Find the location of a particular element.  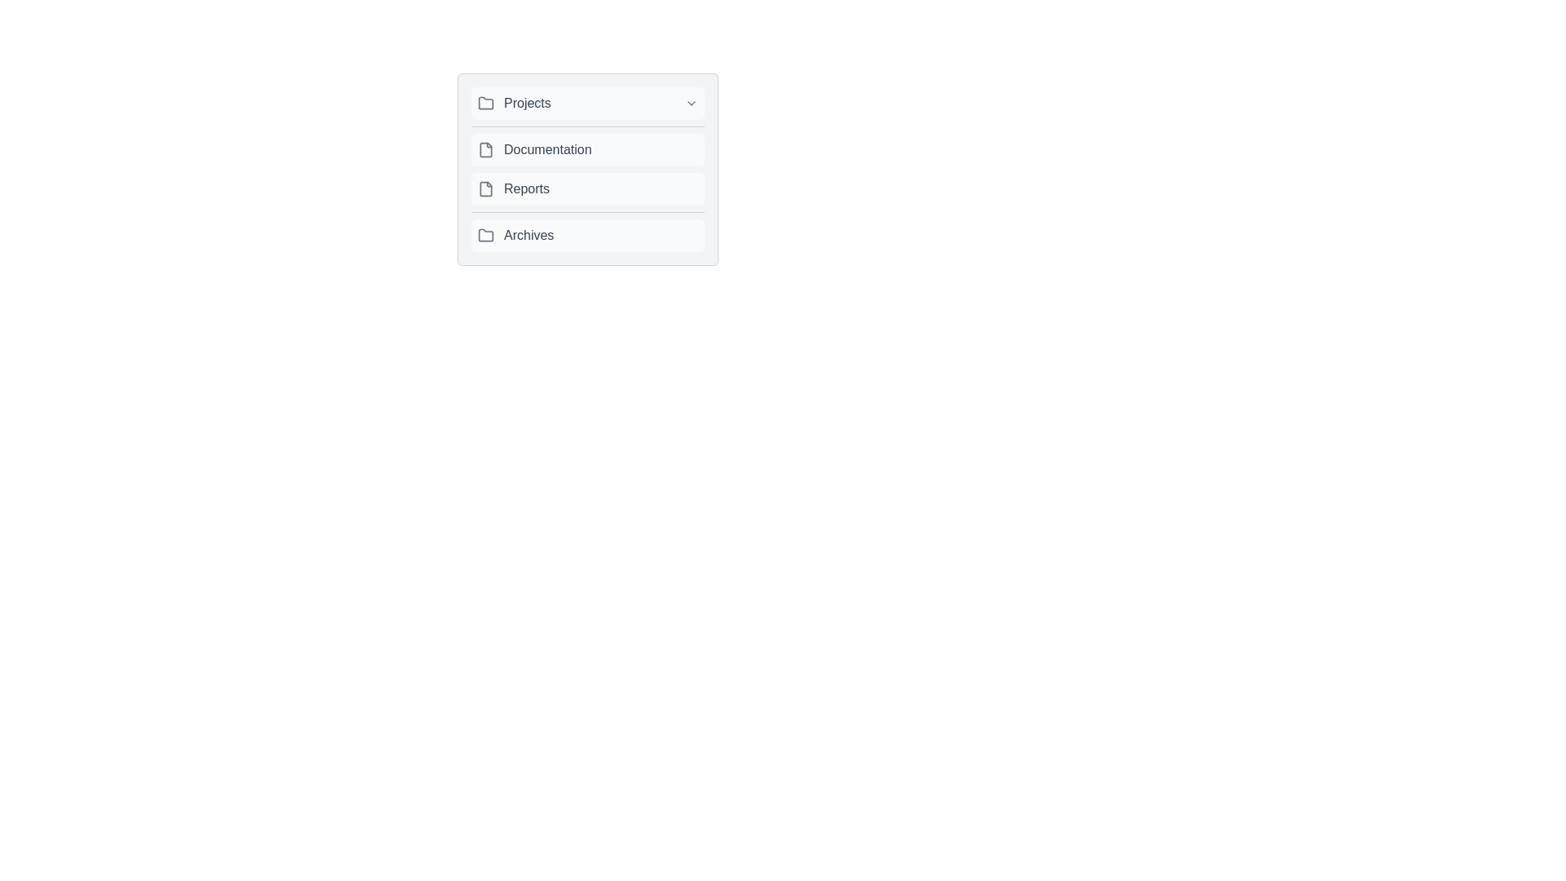

the 'Archives' text label located in the fourth item of the vertical list, positioned below 'Reports.' is located at coordinates (529, 236).